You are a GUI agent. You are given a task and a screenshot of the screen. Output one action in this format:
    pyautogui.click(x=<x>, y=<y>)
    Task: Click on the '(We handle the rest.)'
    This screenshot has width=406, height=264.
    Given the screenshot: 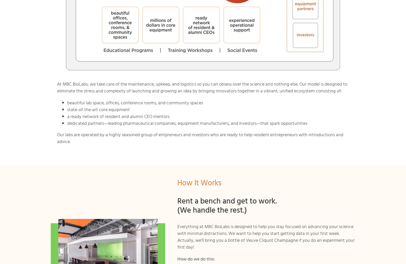 What is the action you would take?
    pyautogui.click(x=177, y=211)
    